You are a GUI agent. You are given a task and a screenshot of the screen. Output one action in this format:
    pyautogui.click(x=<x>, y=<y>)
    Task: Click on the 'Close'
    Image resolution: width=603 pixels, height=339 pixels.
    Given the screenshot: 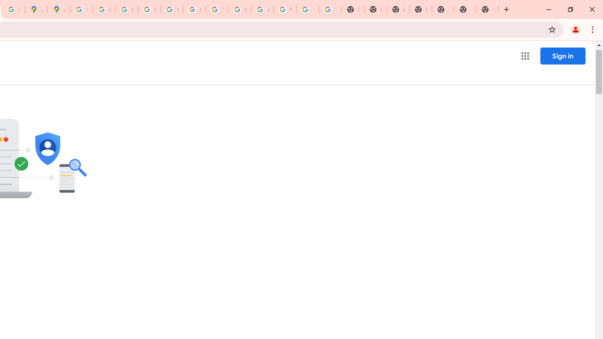 What is the action you would take?
    pyautogui.click(x=591, y=9)
    